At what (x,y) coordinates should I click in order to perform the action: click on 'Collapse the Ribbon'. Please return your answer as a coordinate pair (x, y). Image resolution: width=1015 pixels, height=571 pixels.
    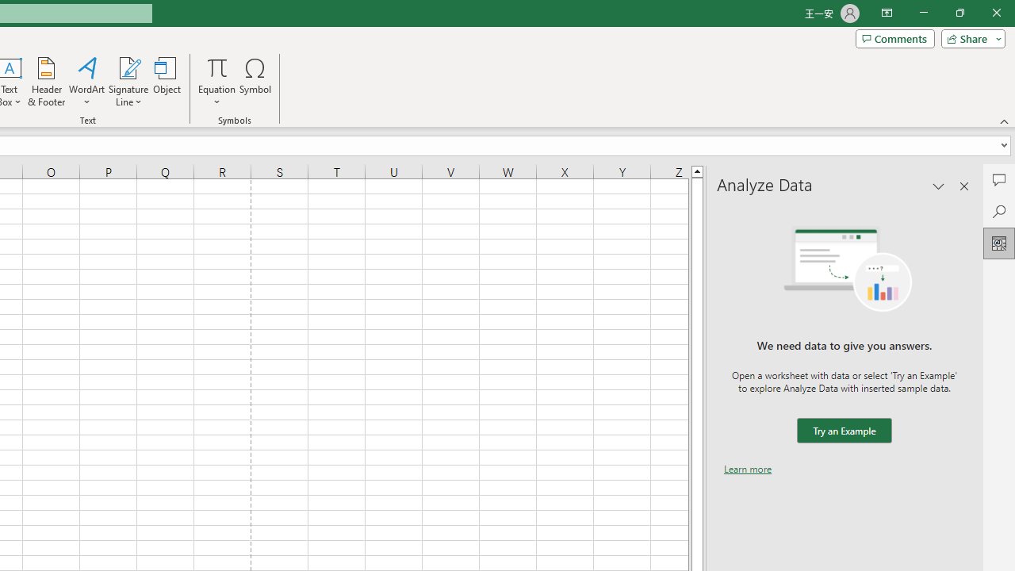
    Looking at the image, I should click on (1004, 121).